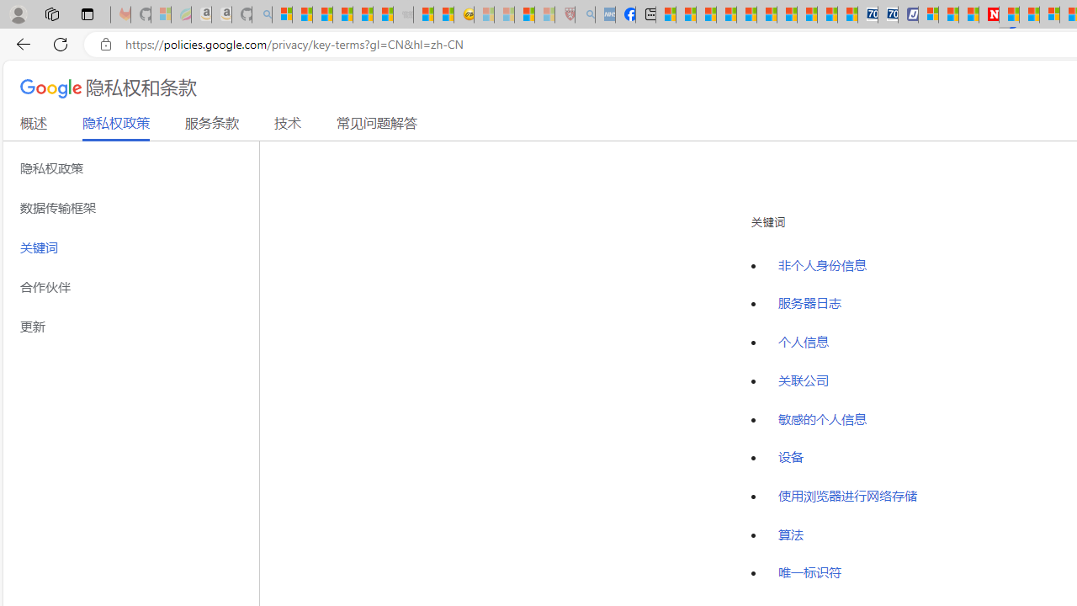  I want to click on 'Combat Siege - Sleeping', so click(404, 14).